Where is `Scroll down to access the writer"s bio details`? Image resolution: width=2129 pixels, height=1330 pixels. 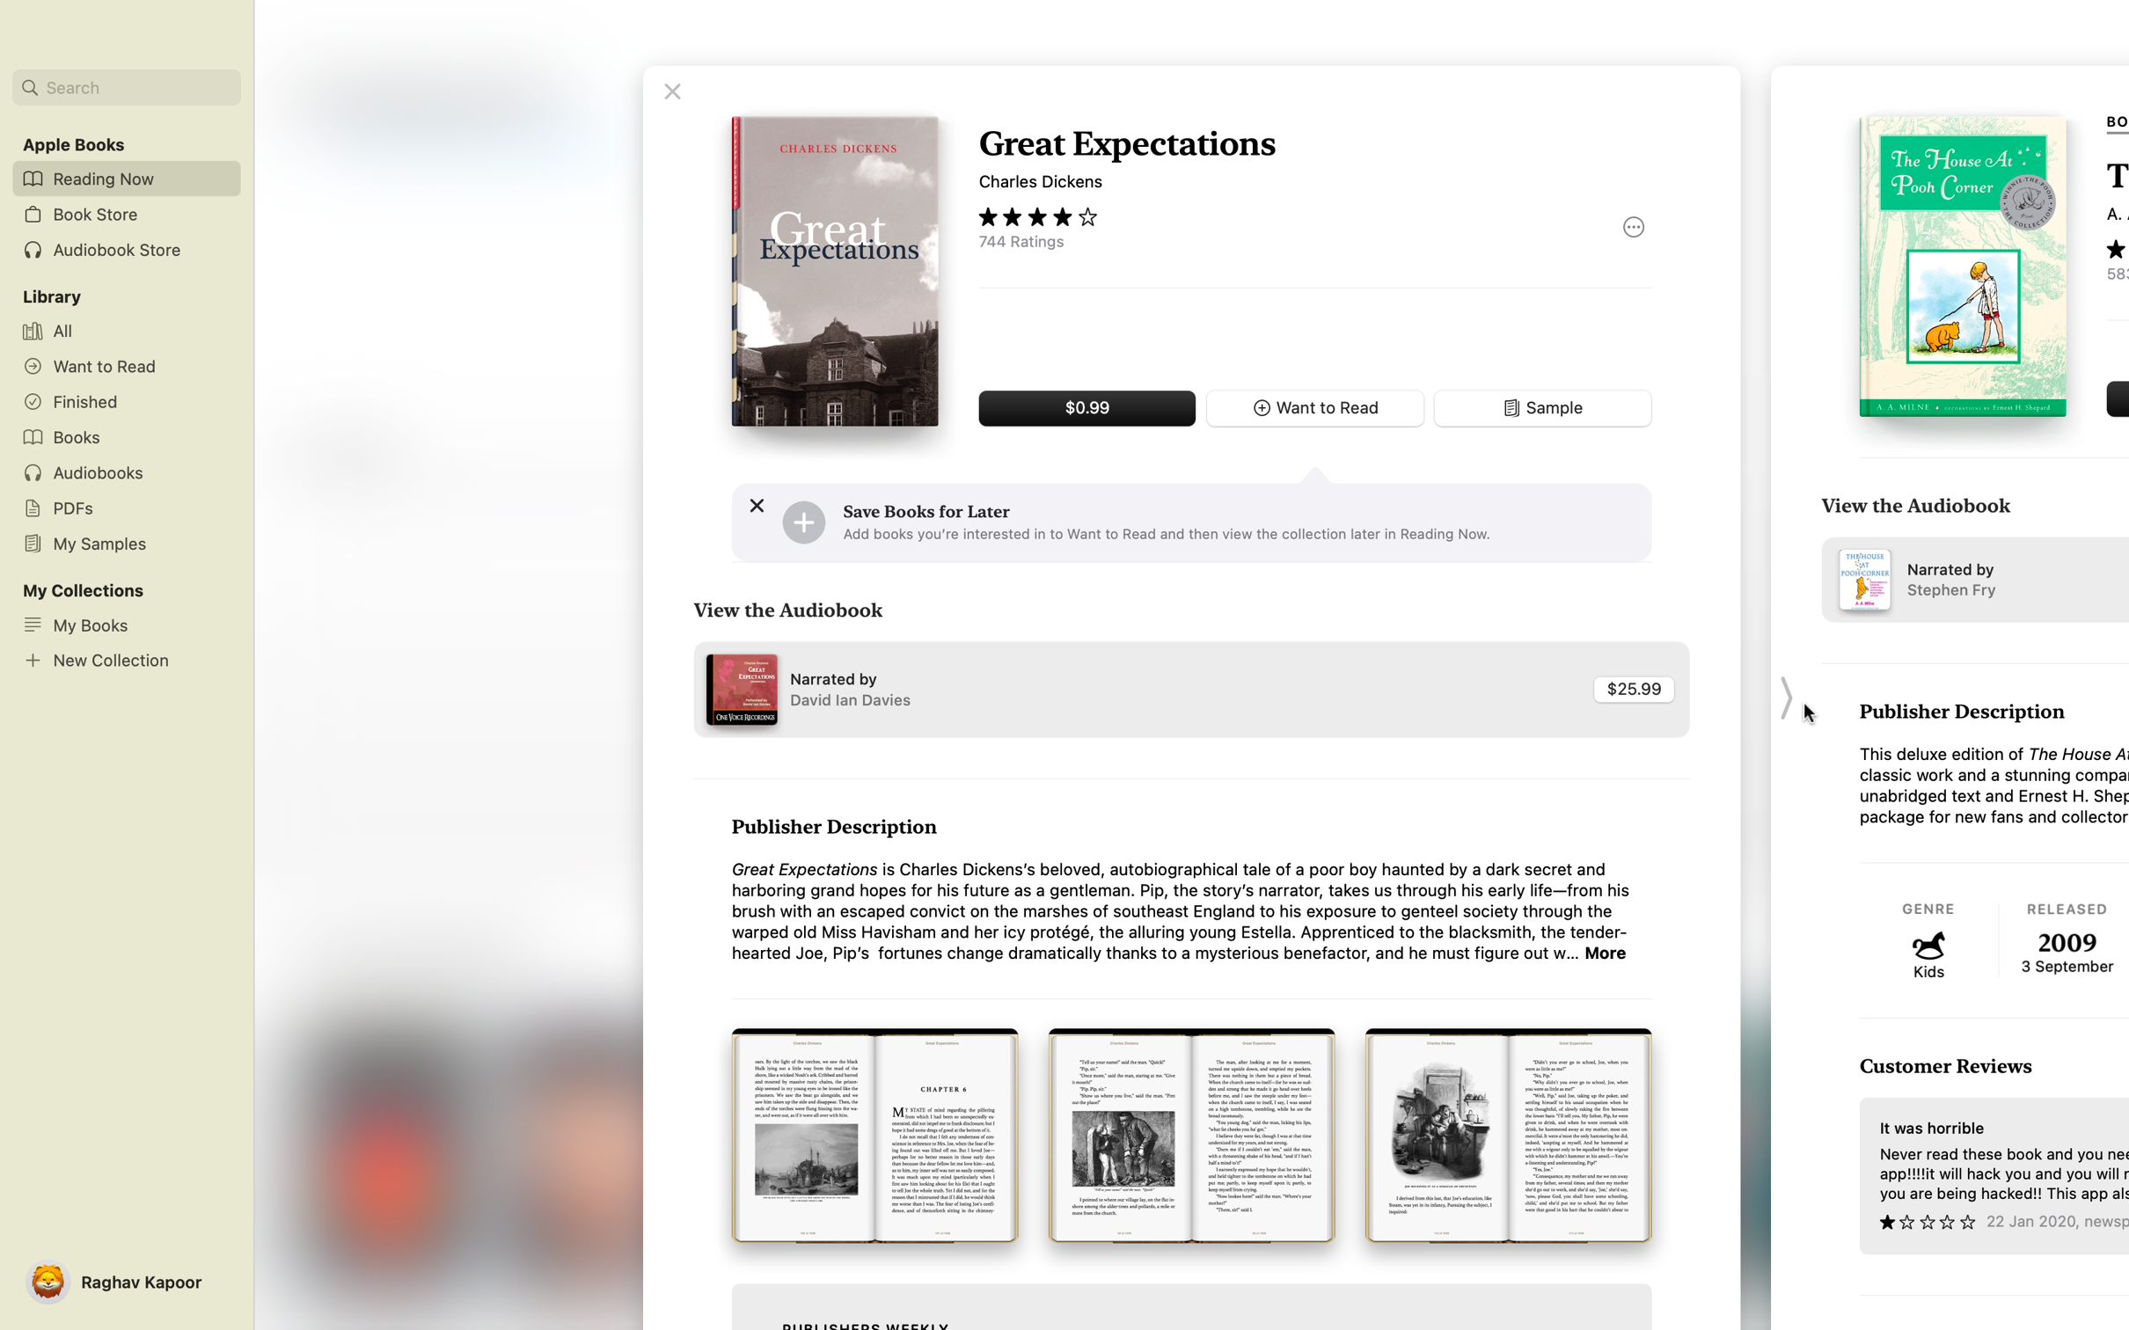 Scroll down to access the writer"s bio details is located at coordinates (4002520, 1468320).